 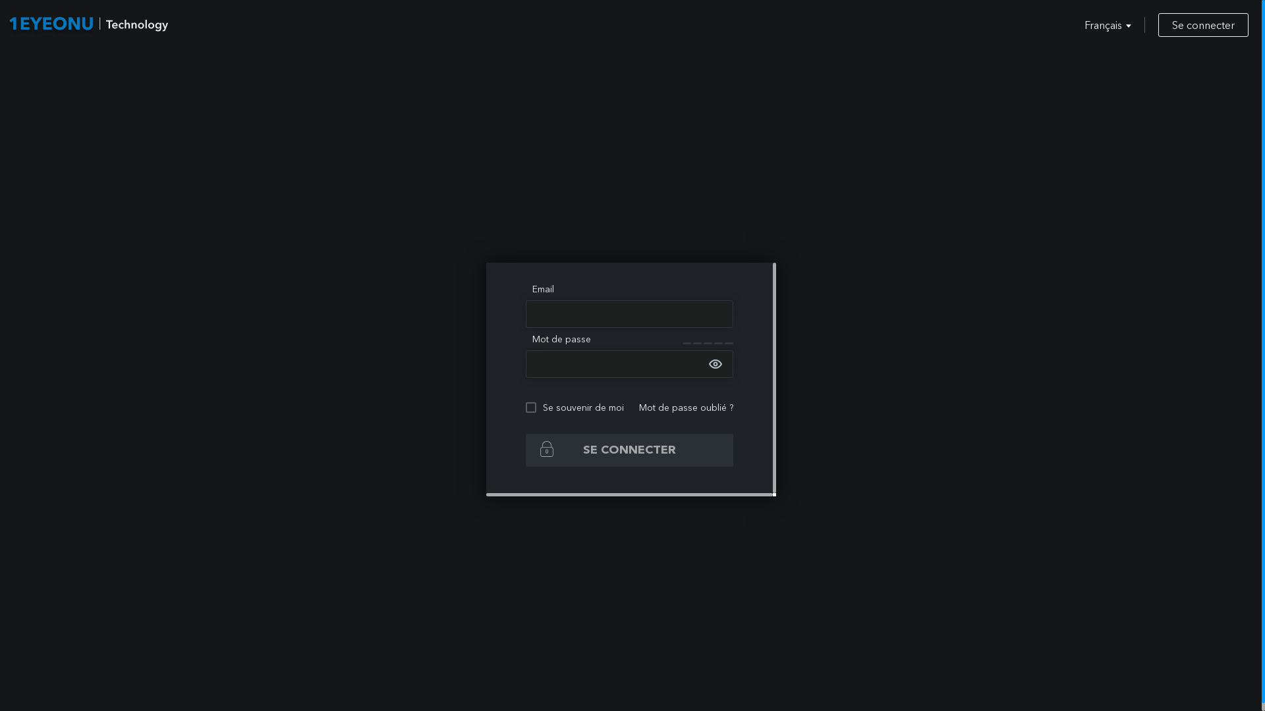 What do you see at coordinates (1203, 25) in the screenshot?
I see `'Se connecter'` at bounding box center [1203, 25].